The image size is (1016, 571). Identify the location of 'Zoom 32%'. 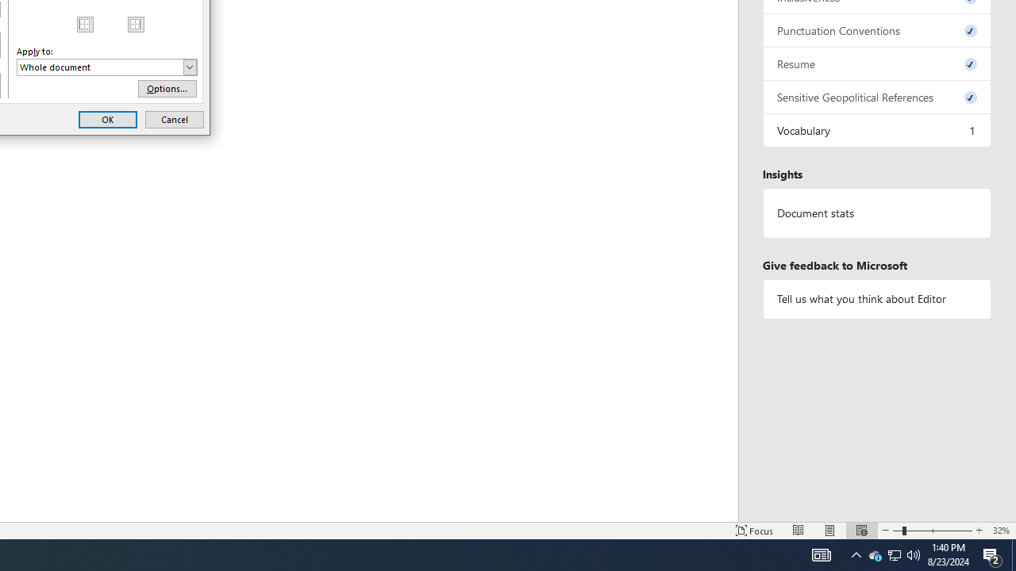
(1000, 531).